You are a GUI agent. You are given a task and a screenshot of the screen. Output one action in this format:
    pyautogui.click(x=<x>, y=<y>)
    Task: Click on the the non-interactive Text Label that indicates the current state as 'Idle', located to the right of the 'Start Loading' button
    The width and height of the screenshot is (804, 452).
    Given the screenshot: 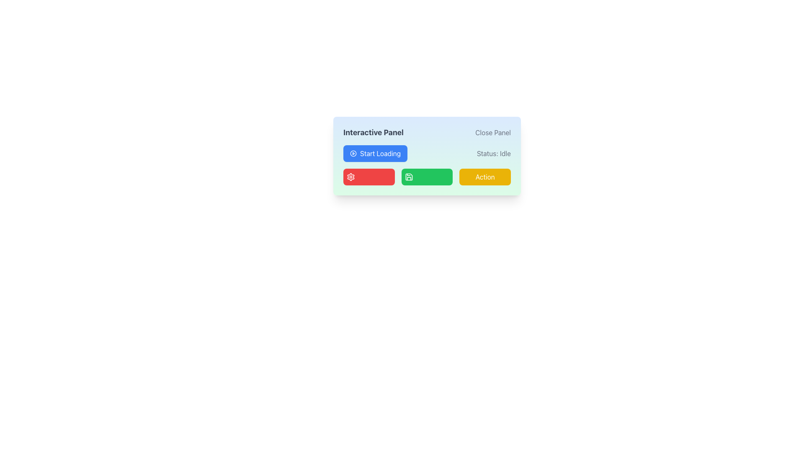 What is the action you would take?
    pyautogui.click(x=494, y=153)
    